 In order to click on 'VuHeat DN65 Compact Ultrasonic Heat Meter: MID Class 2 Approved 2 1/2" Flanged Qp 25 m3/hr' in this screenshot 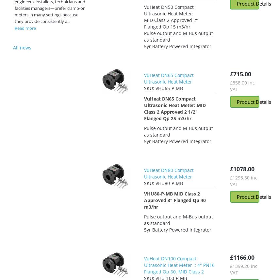, I will do `click(175, 108)`.